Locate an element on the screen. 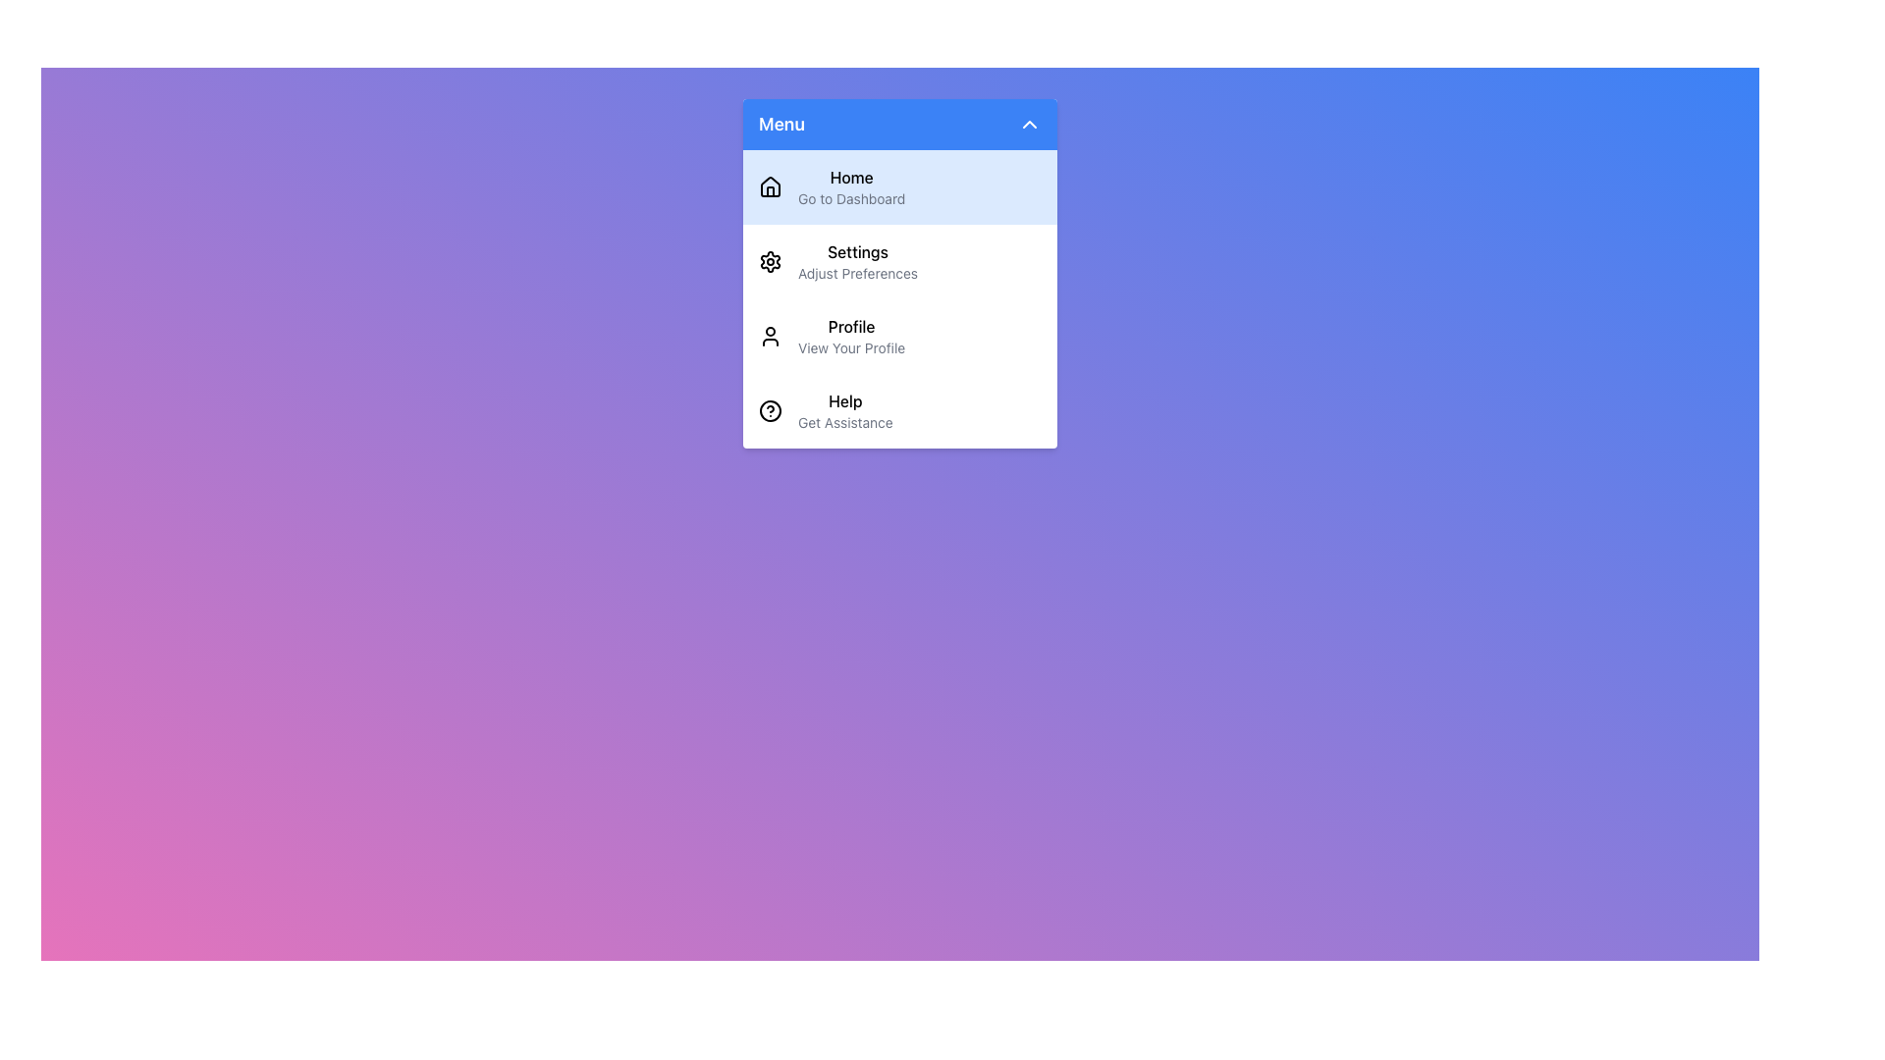 This screenshot has height=1060, width=1885. the SVG circle within the Help menu item is located at coordinates (770, 410).